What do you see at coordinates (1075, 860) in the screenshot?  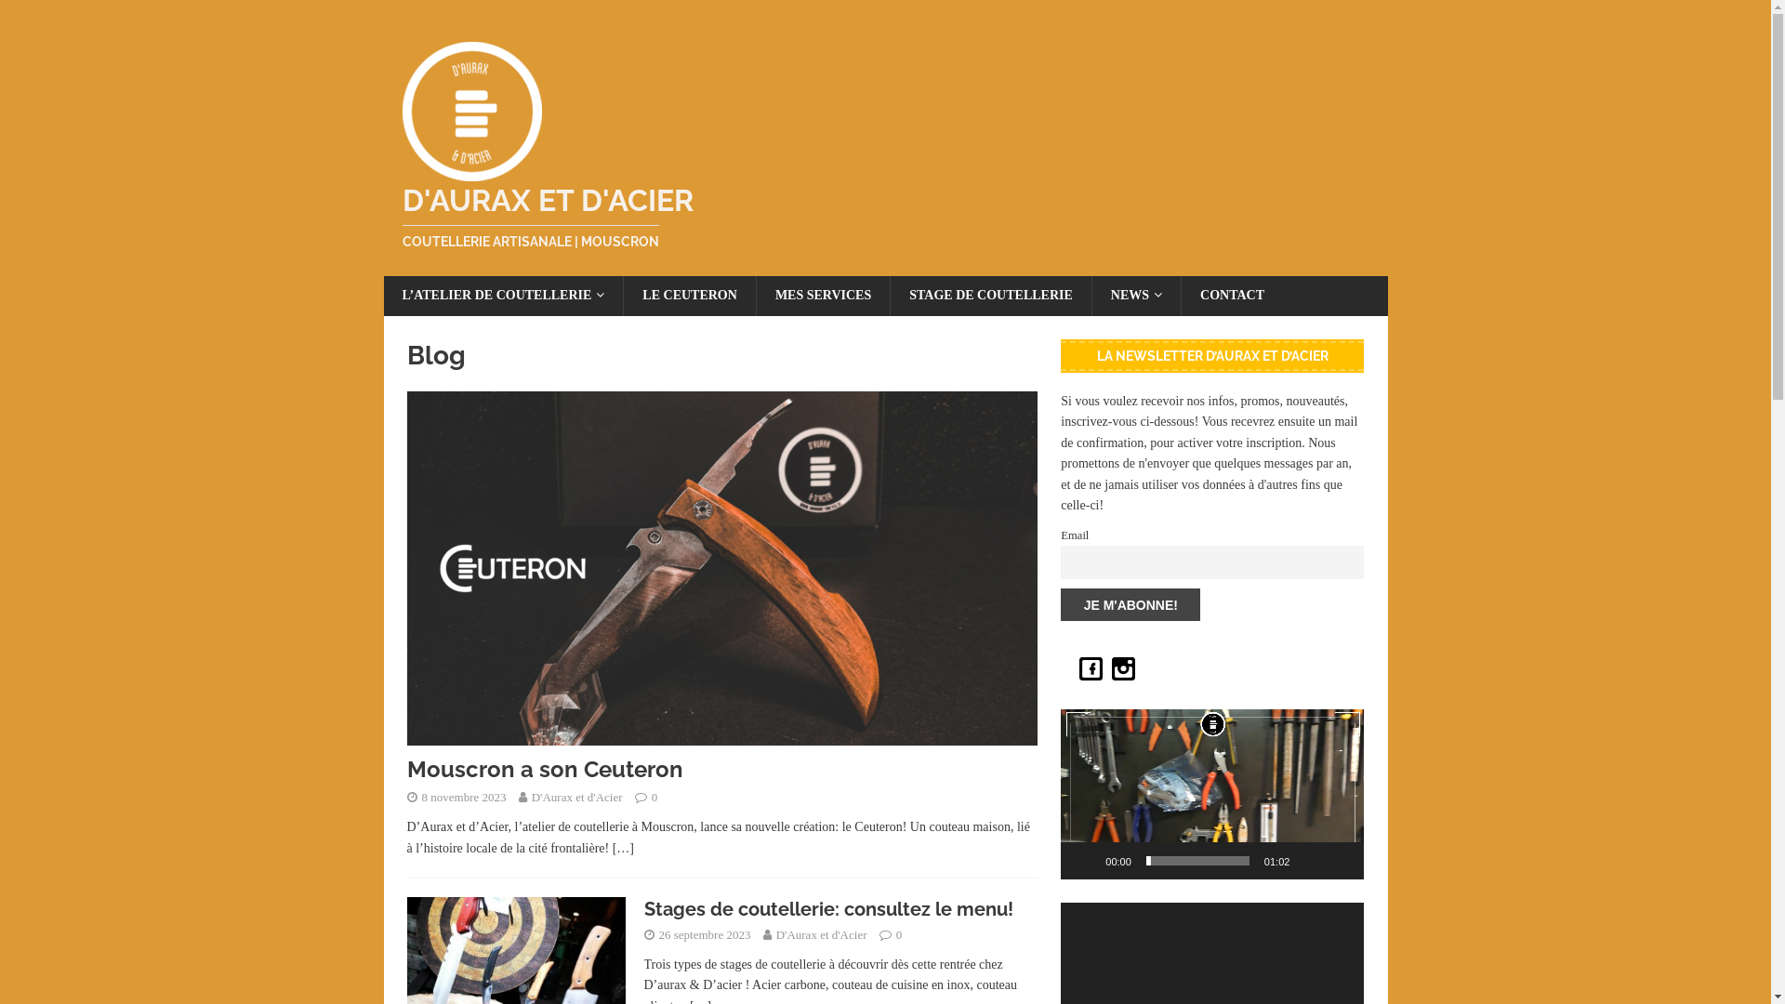 I see `'Lecture'` at bounding box center [1075, 860].